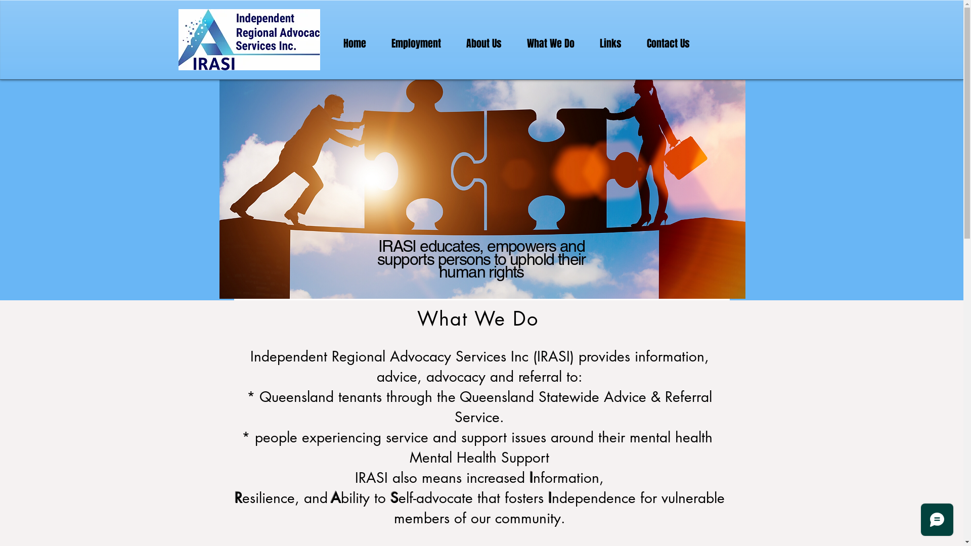  I want to click on 'Contact Us', so click(668, 43).